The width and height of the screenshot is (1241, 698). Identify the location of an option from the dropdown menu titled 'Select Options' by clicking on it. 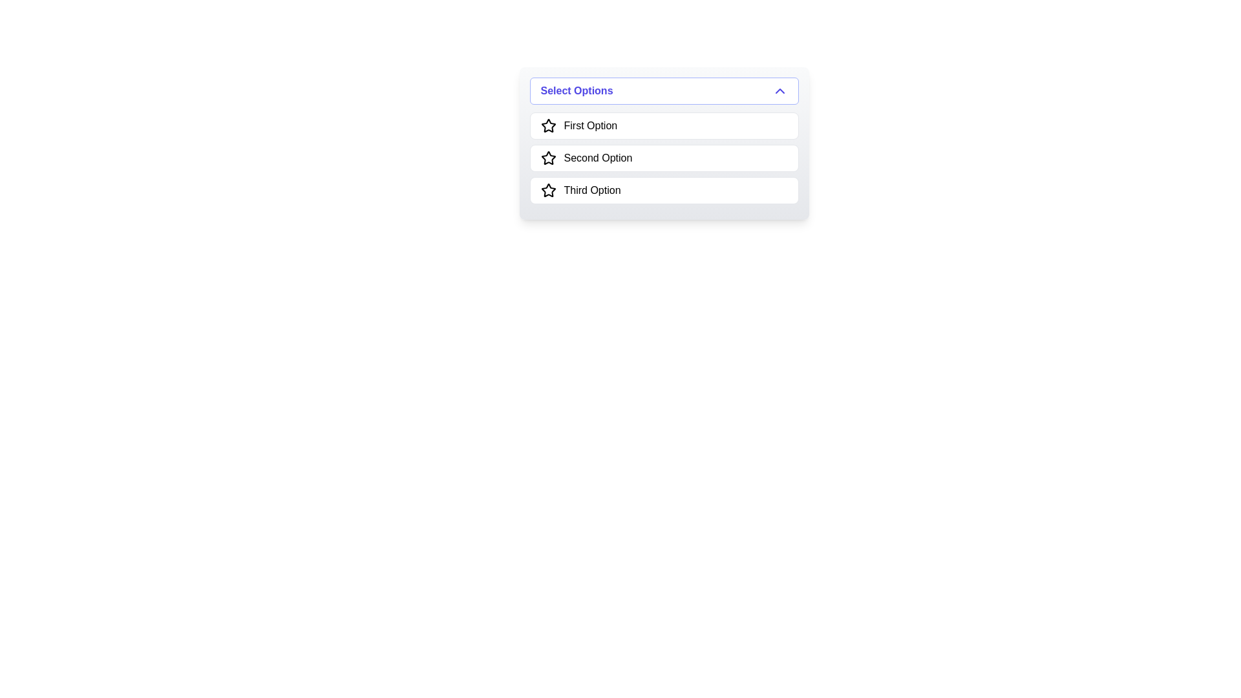
(664, 143).